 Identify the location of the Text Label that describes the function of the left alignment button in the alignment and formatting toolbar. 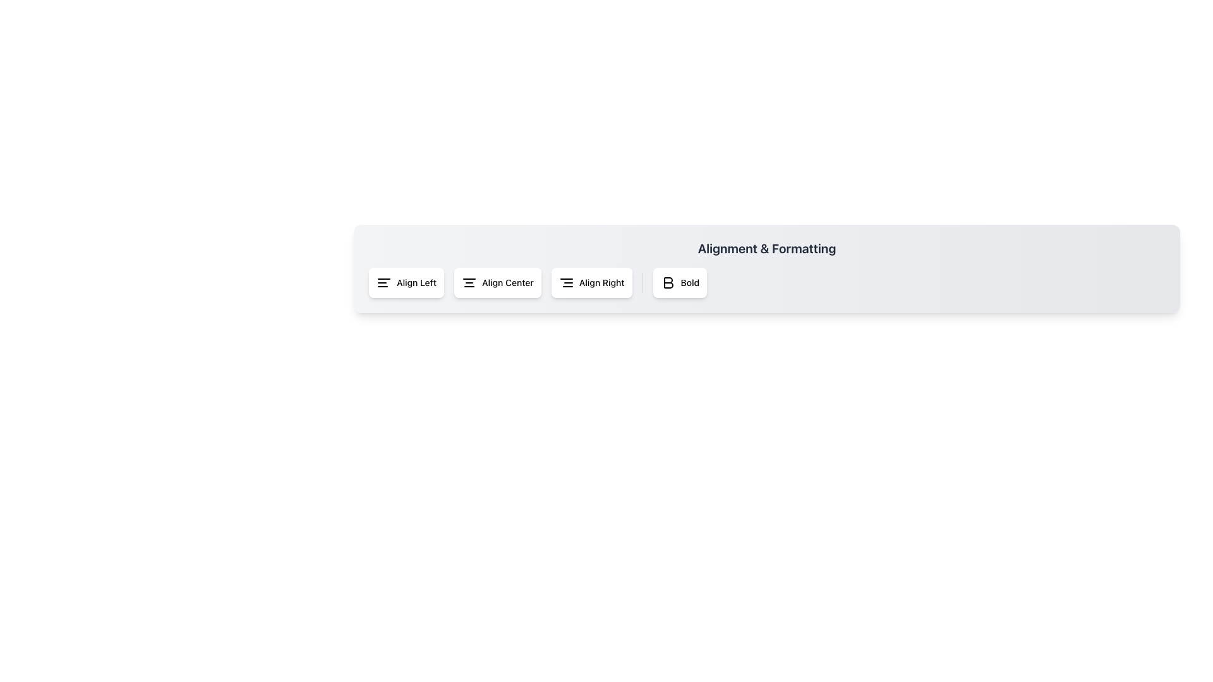
(416, 282).